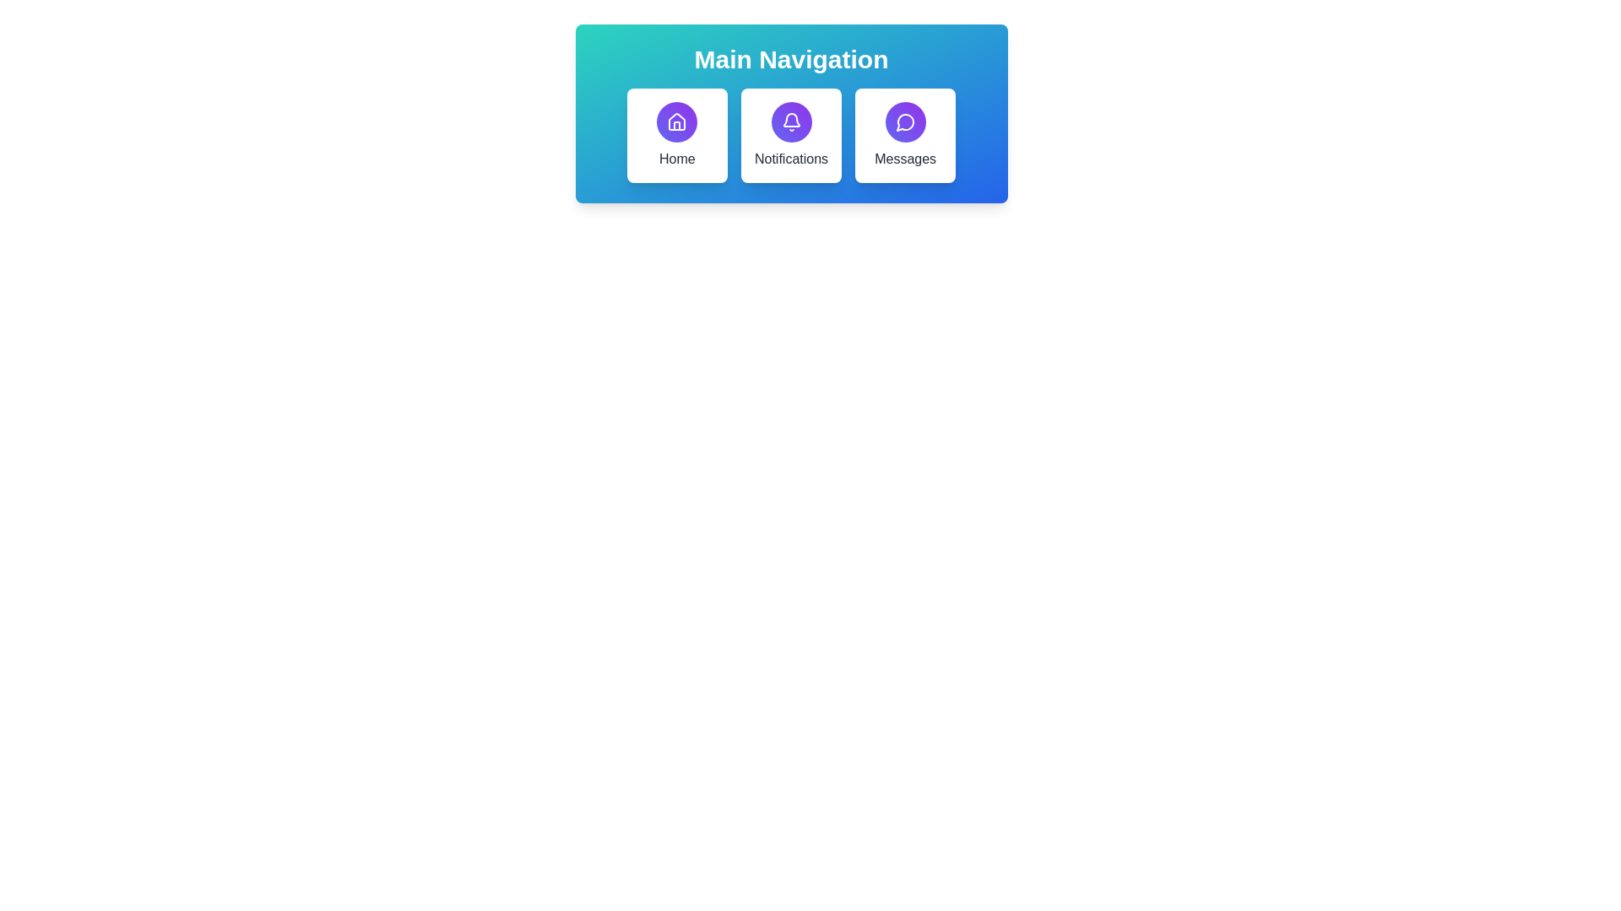 The image size is (1621, 911). I want to click on the 'Messages' label, which is a dark gray text label located centrally below a circular icon within a white card, so click(904, 159).